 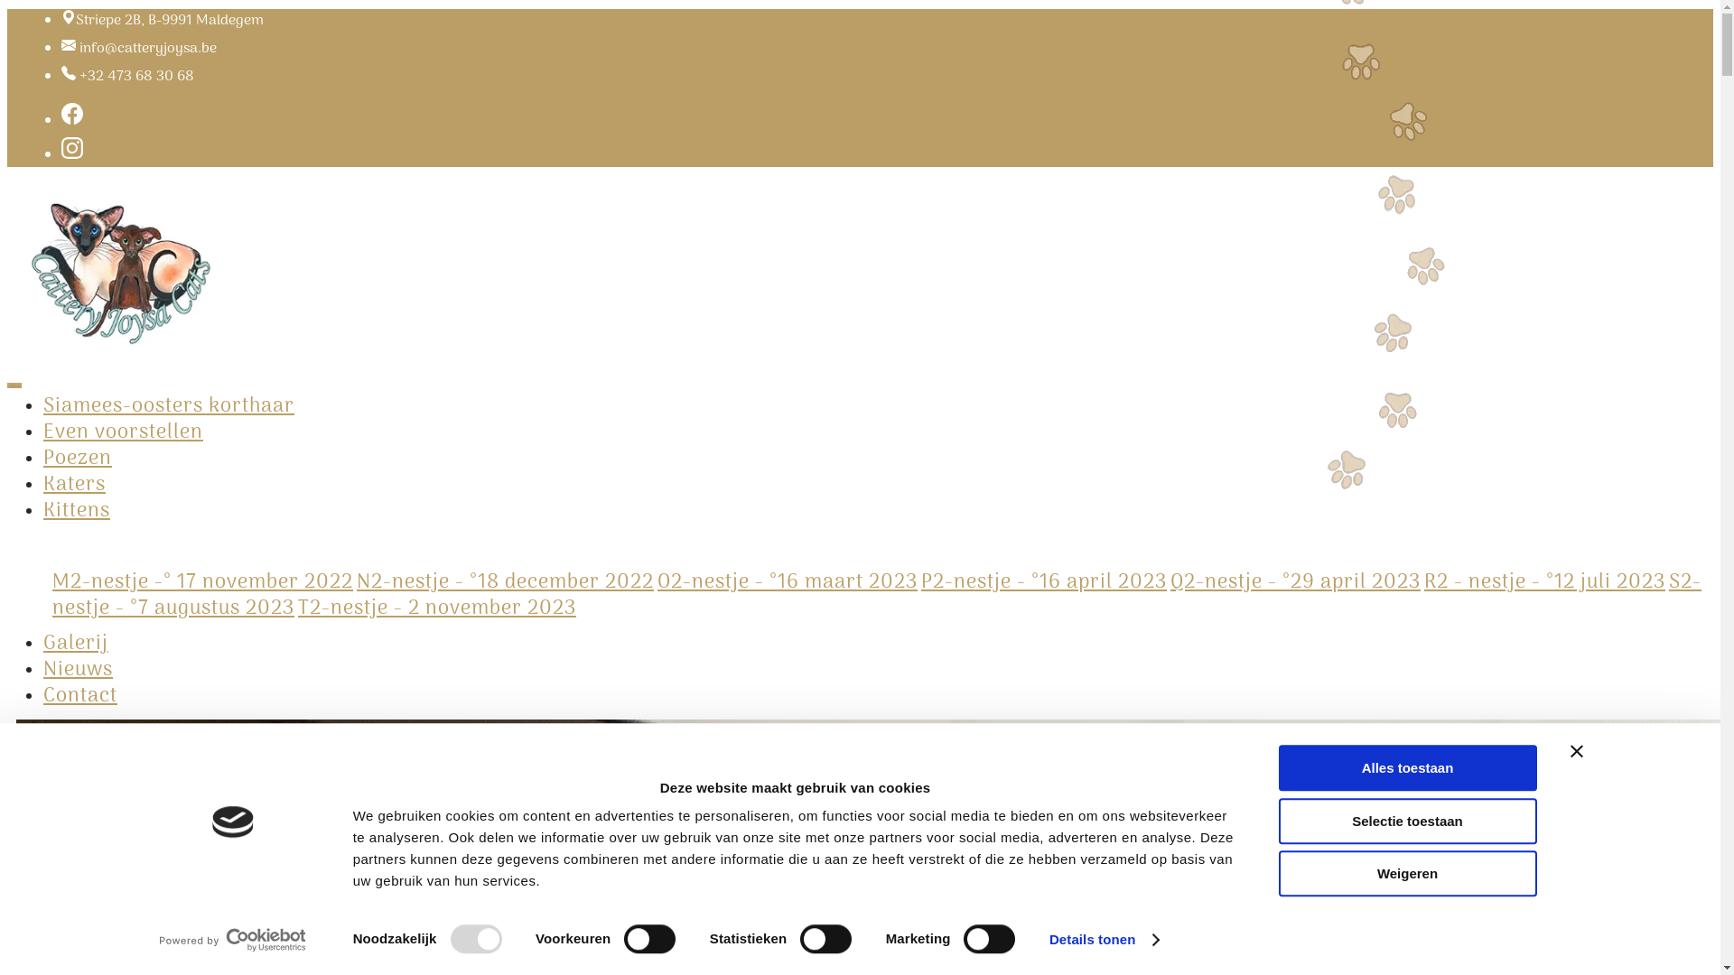 I want to click on 'Details tonen', so click(x=1103, y=939).